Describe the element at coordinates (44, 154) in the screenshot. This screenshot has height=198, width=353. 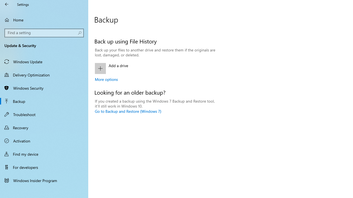
I see `'Find my device'` at that location.